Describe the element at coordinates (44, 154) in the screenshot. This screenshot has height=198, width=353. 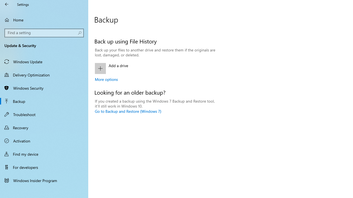
I see `'Find my device'` at that location.